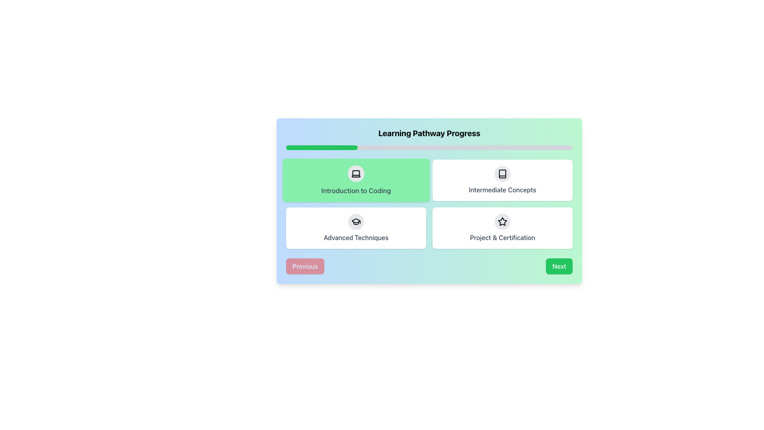 The image size is (764, 430). Describe the element at coordinates (429, 201) in the screenshot. I see `the Interactive Card that represents the first step in the learning pathway` at that location.